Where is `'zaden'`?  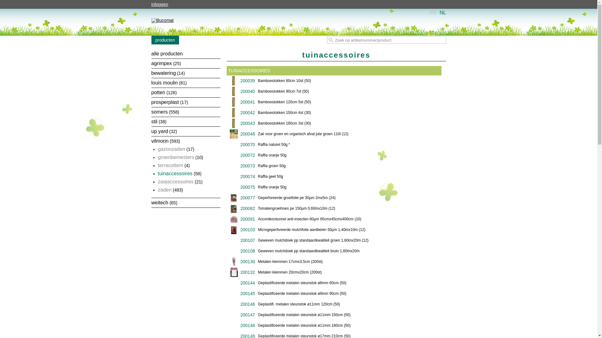 'zaden' is located at coordinates (165, 189).